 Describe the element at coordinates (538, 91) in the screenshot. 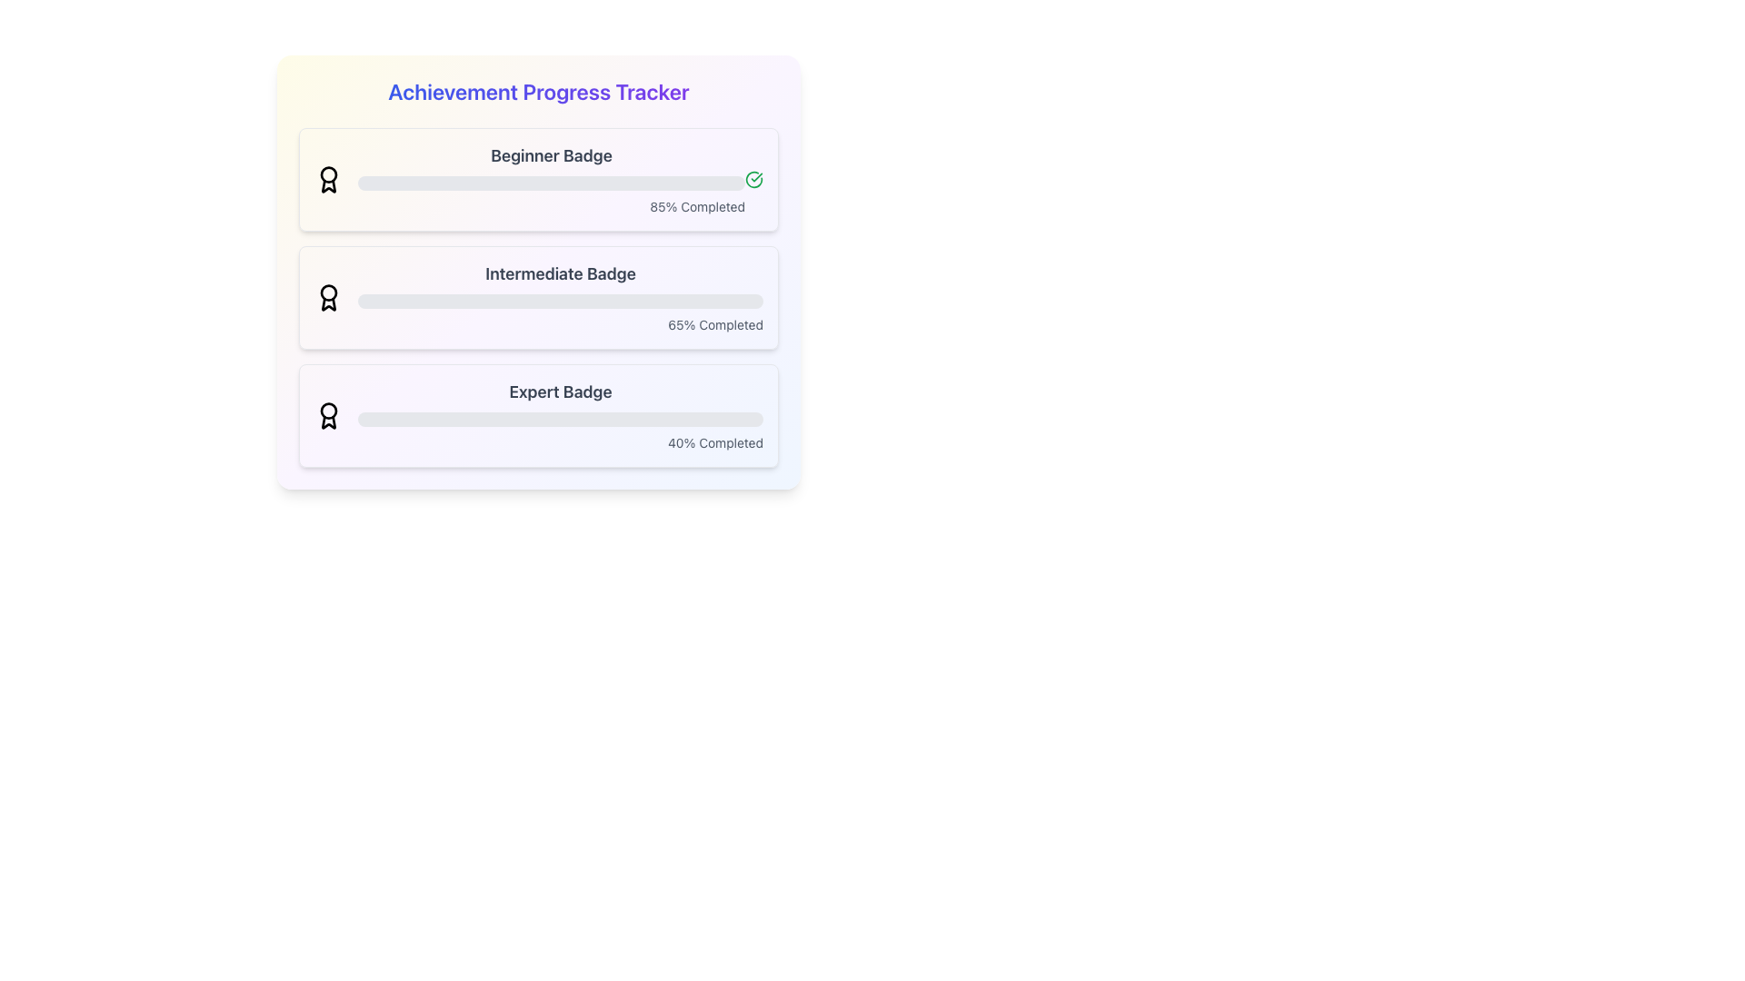

I see `the text header that reads 'Achievement Progress Tracker', styled with a gradient from blue to purple and displayed in a bold, large font` at that location.